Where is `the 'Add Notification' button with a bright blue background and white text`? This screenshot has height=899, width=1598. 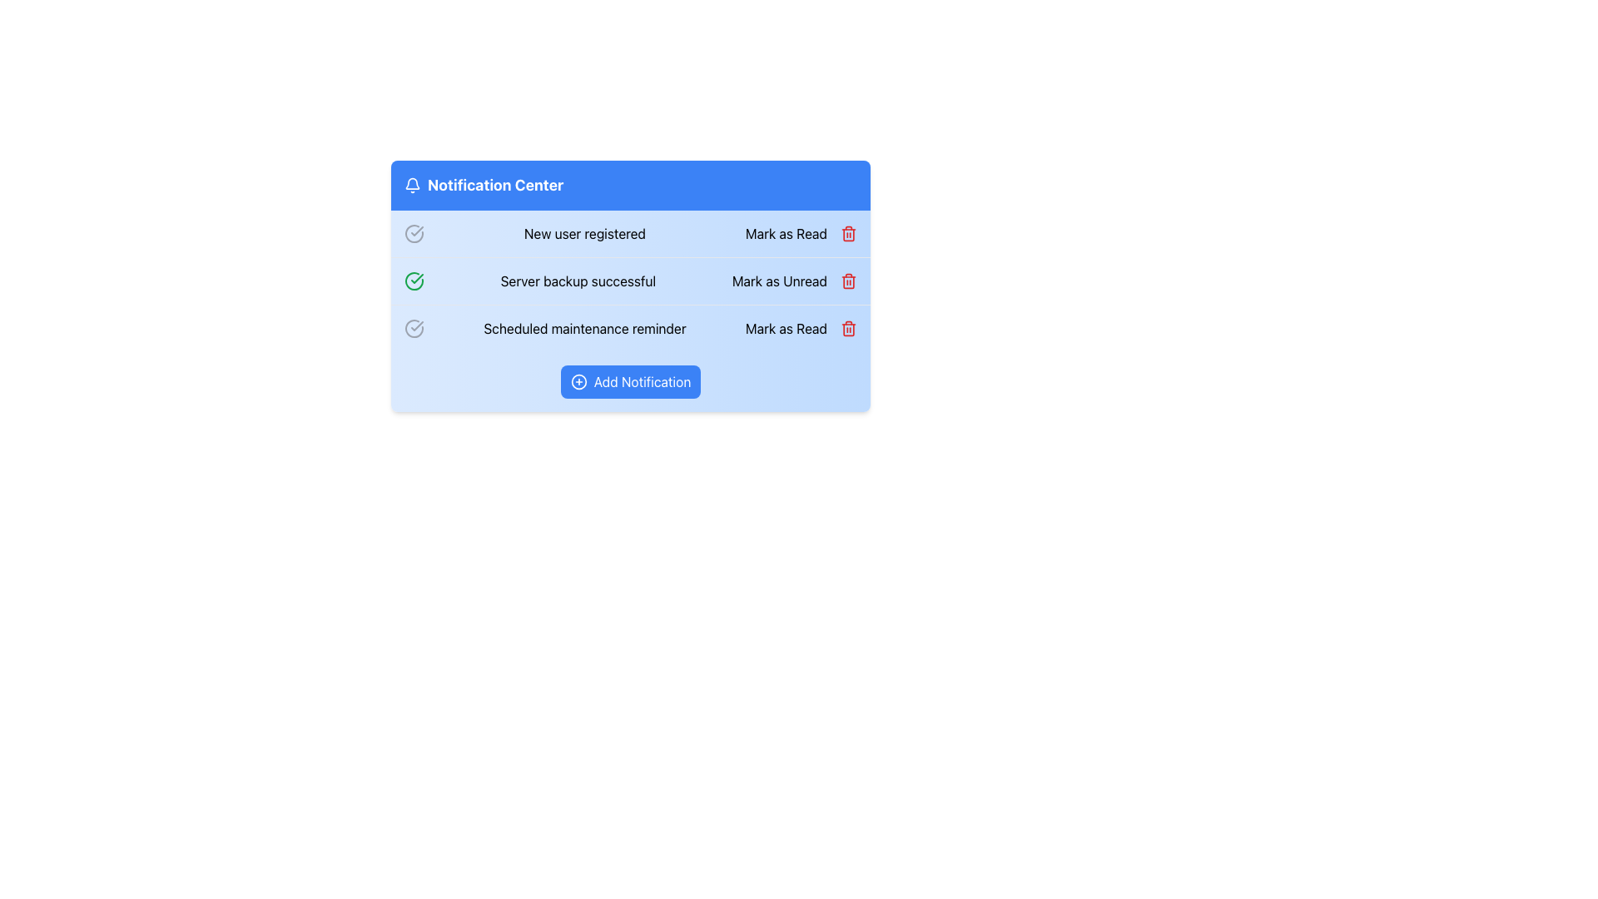
the 'Add Notification' button with a bright blue background and white text is located at coordinates (630, 382).